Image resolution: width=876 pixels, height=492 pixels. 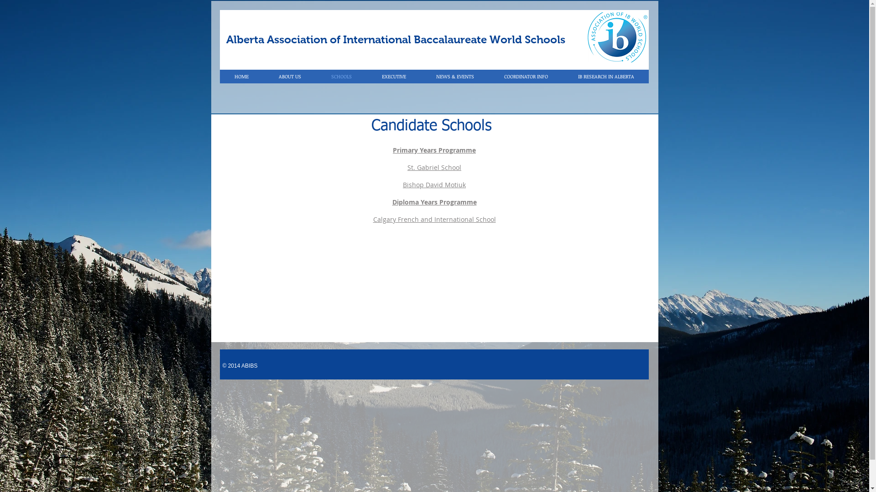 What do you see at coordinates (241, 76) in the screenshot?
I see `'HOME'` at bounding box center [241, 76].